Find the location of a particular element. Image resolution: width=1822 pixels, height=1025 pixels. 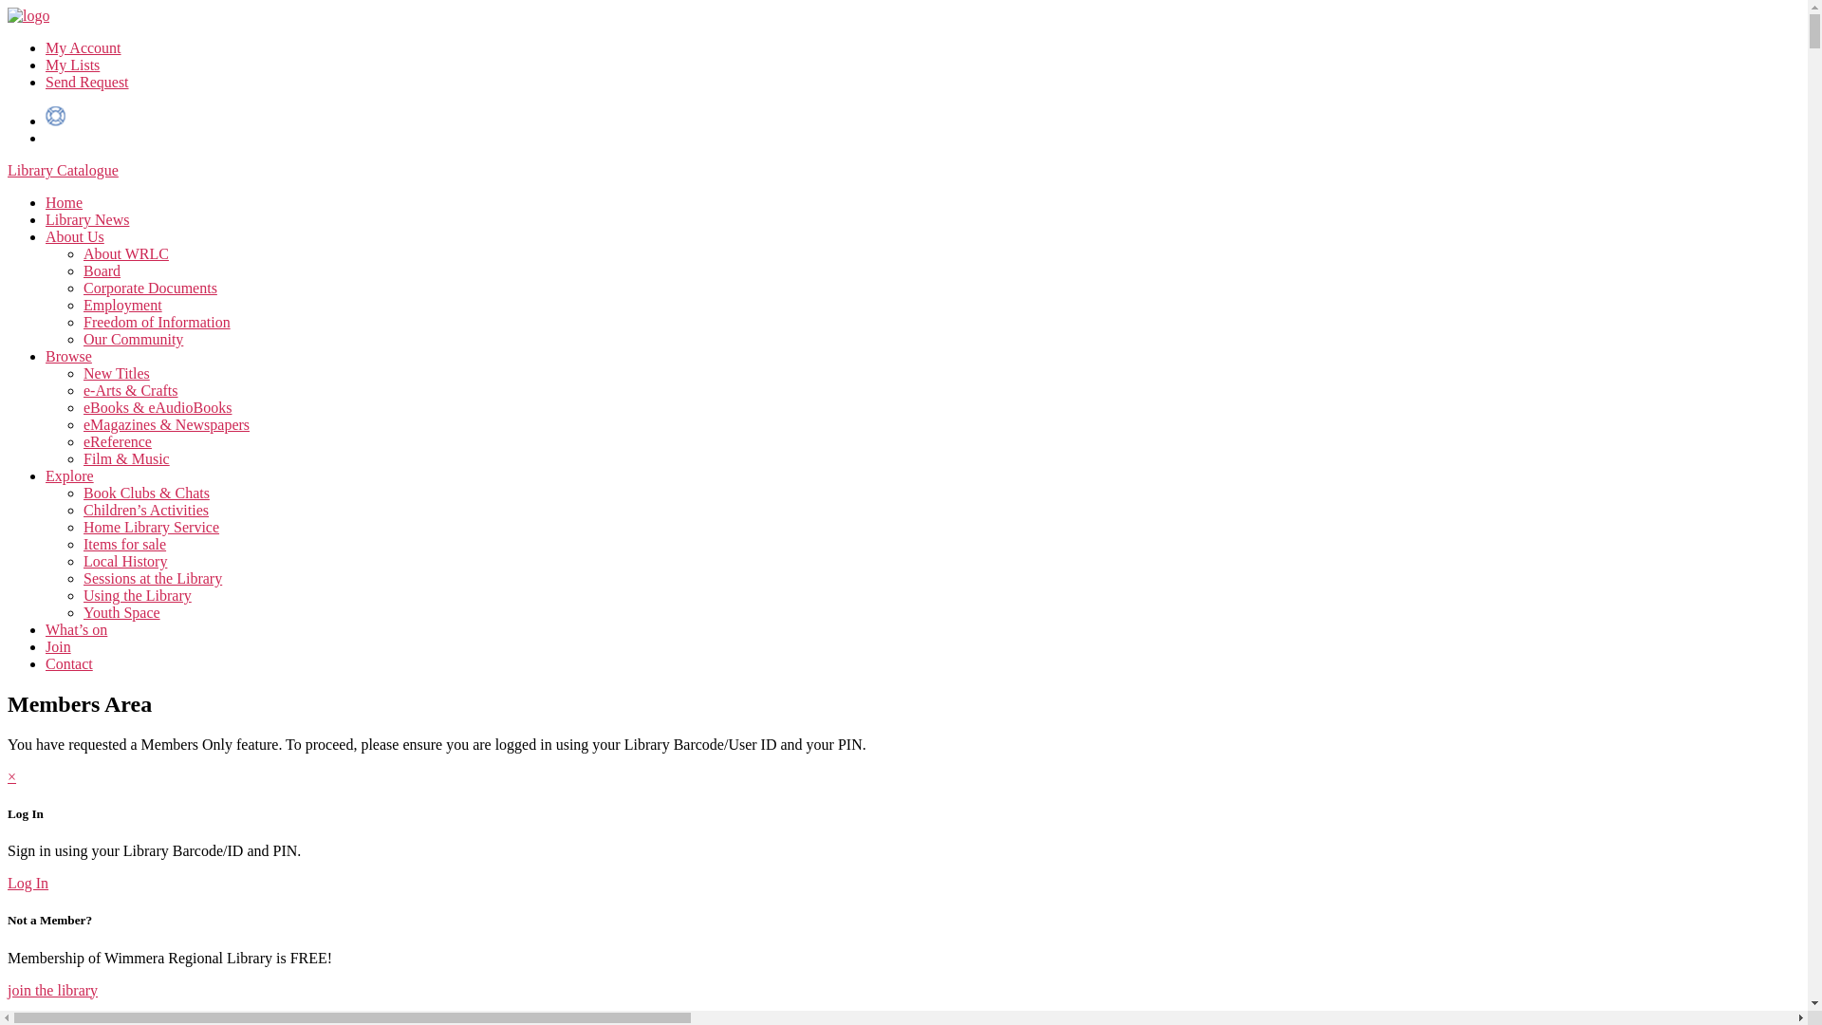

'eMagazines & Newspapers' is located at coordinates (166, 423).